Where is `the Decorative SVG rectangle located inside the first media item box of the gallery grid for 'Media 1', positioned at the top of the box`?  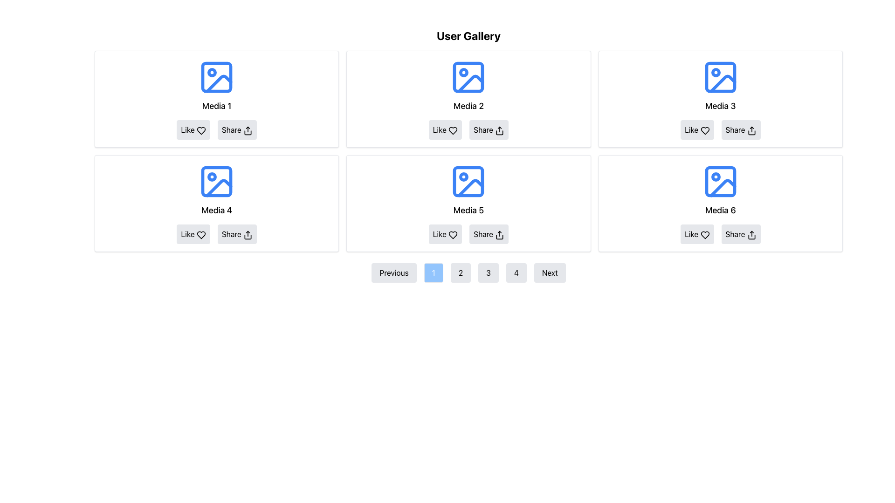 the Decorative SVG rectangle located inside the first media item box of the gallery grid for 'Media 1', positioned at the top of the box is located at coordinates (216, 76).